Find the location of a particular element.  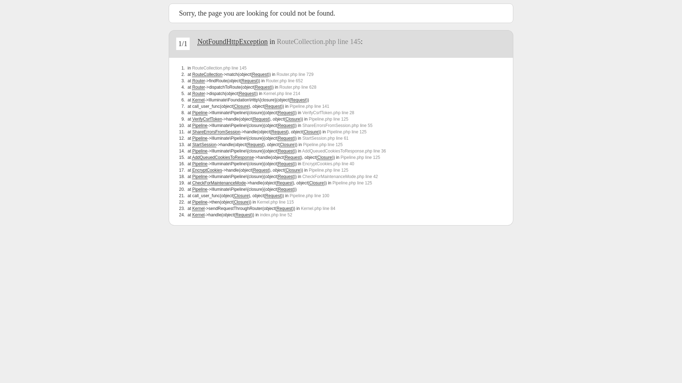

'Router.php line 652' is located at coordinates (284, 80).